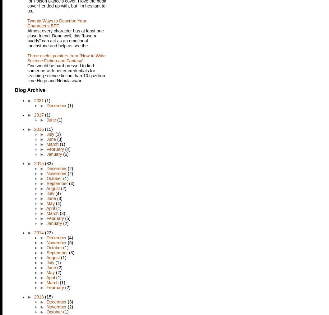 This screenshot has height=315, width=329. Describe the element at coordinates (48, 232) in the screenshot. I see `'(23)'` at that location.